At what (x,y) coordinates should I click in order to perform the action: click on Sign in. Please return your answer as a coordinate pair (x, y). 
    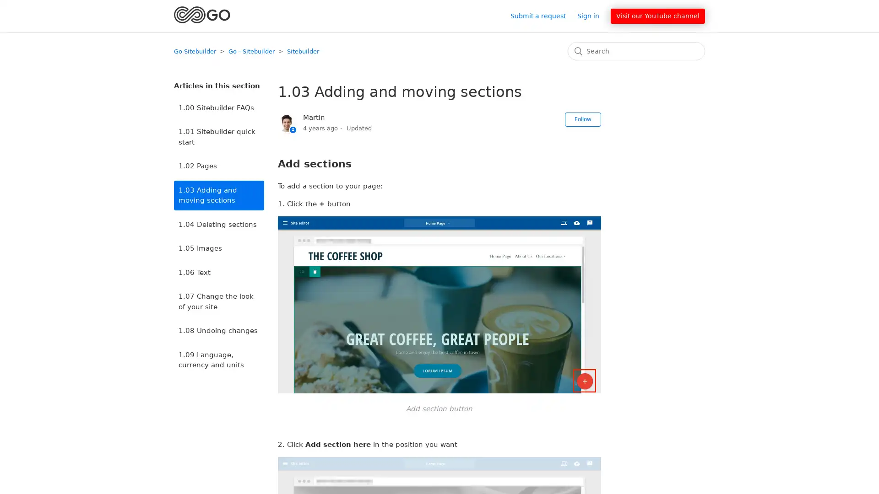
    Looking at the image, I should click on (593, 16).